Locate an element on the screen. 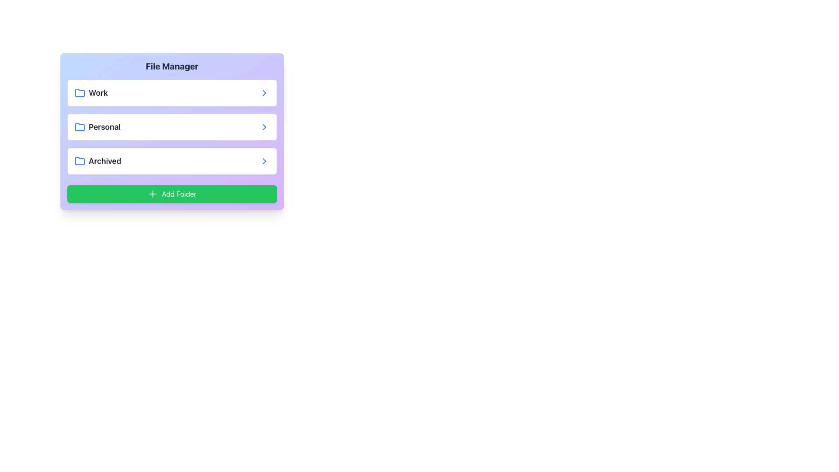 This screenshot has width=839, height=472. the red outlined folder icon representing an 'Archived' folder located in the third list item labeled 'Archived' in the 'File Manager' interface is located at coordinates (80, 160).